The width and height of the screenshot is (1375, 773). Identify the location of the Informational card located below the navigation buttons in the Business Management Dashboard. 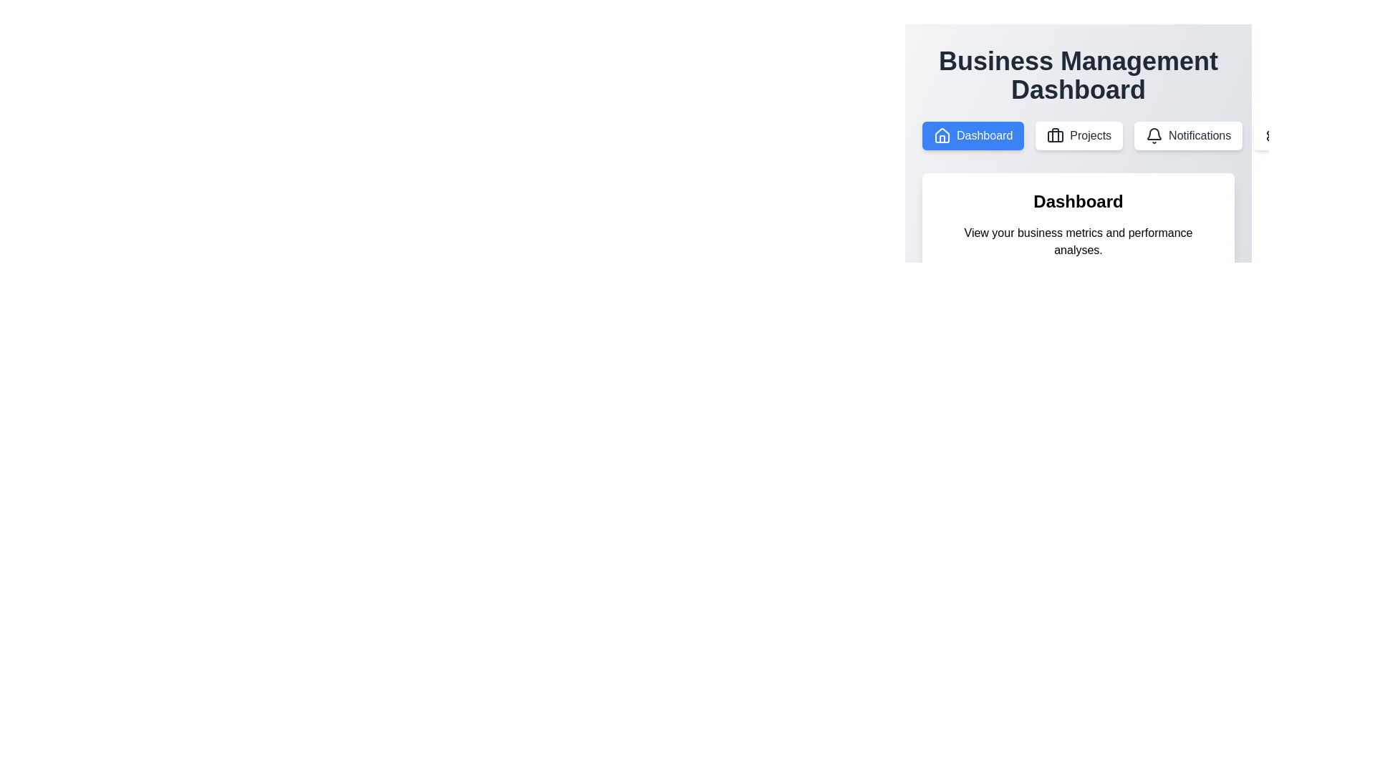
(1079, 224).